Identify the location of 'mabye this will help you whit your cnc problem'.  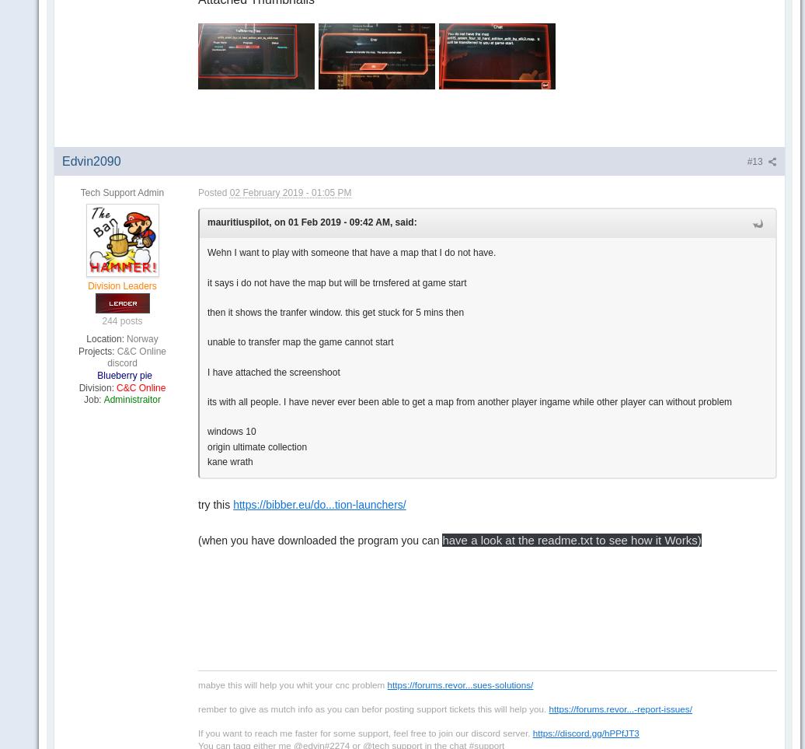
(292, 683).